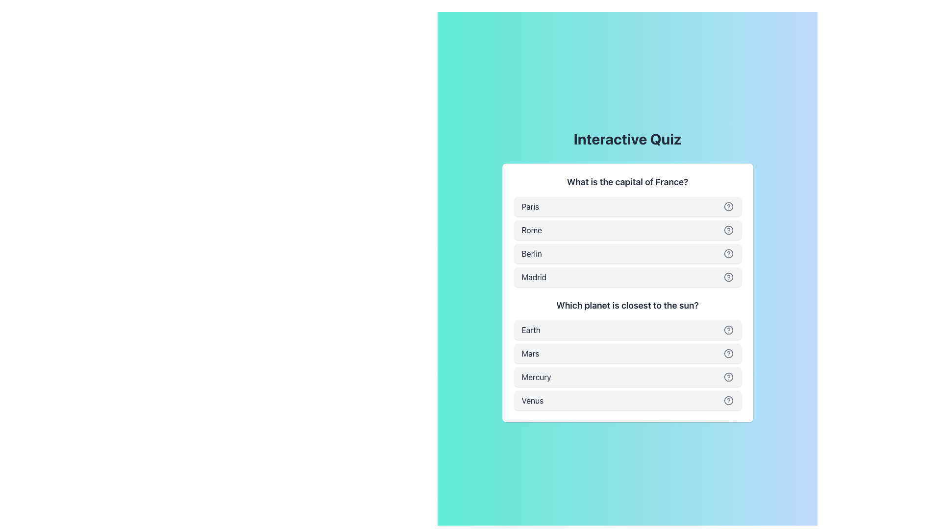 Image resolution: width=941 pixels, height=529 pixels. I want to click on the 'Venus' button, which is the last button in a vertical list of buttons, to observe its hover state, so click(627, 400).